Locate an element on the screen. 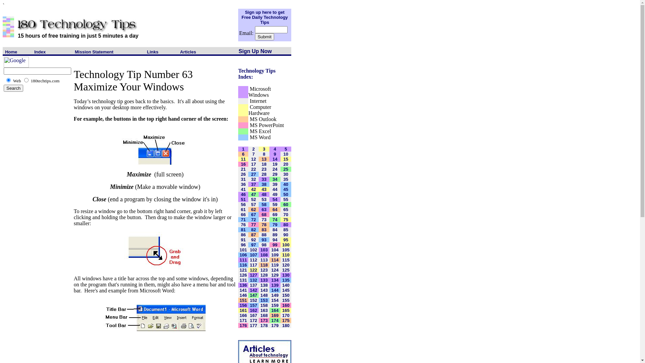  '33' is located at coordinates (264, 179).